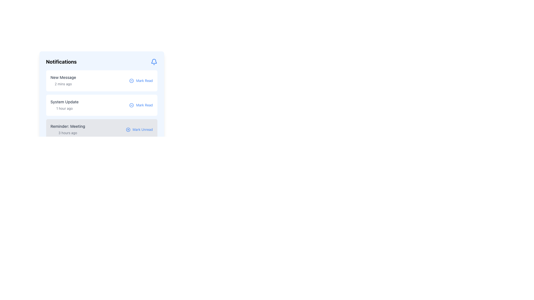 This screenshot has height=300, width=534. I want to click on the 'Mark Read' interactive text link with a blue font color and a minus icon to mark the notification as read, so click(141, 105).